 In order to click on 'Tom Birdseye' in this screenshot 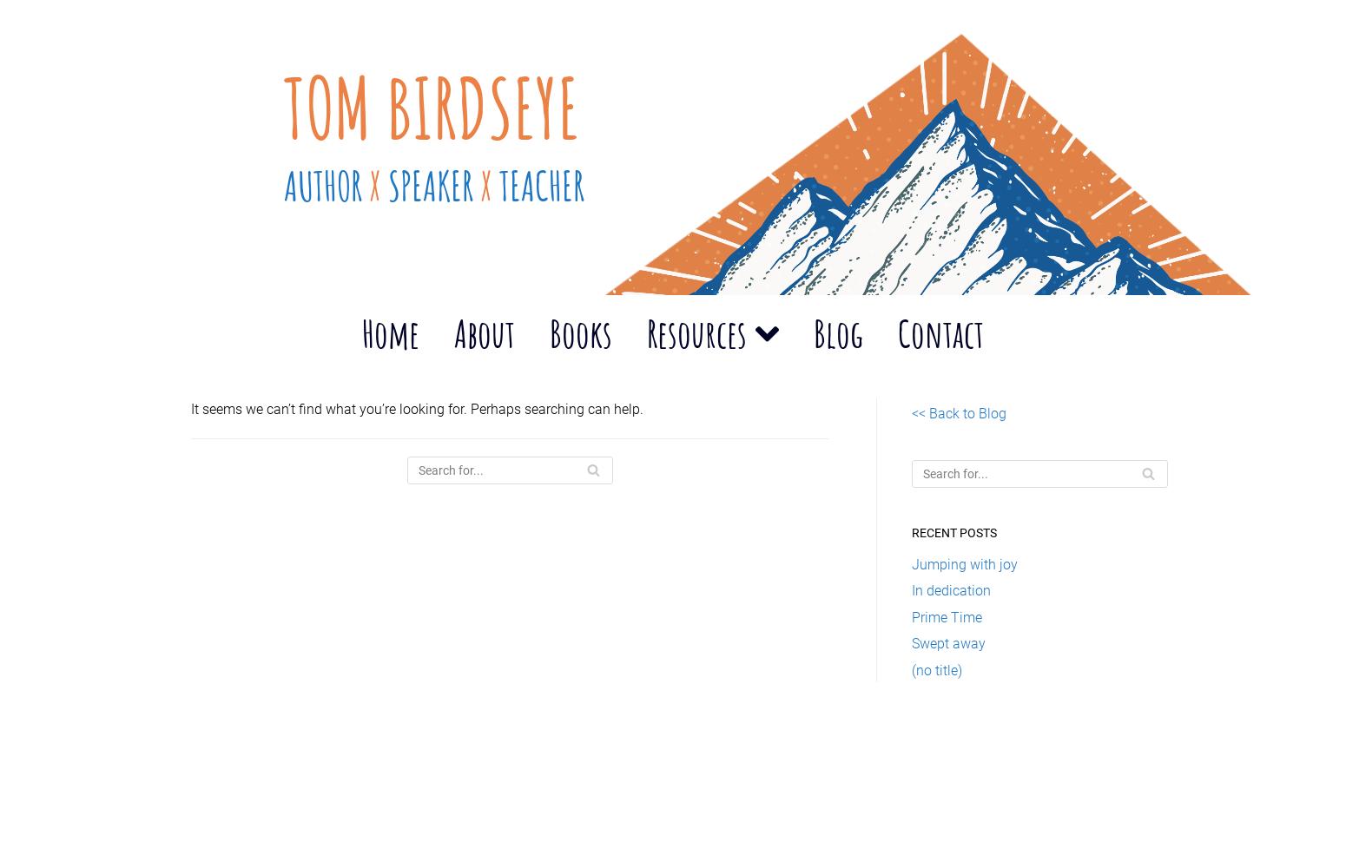, I will do `click(431, 106)`.